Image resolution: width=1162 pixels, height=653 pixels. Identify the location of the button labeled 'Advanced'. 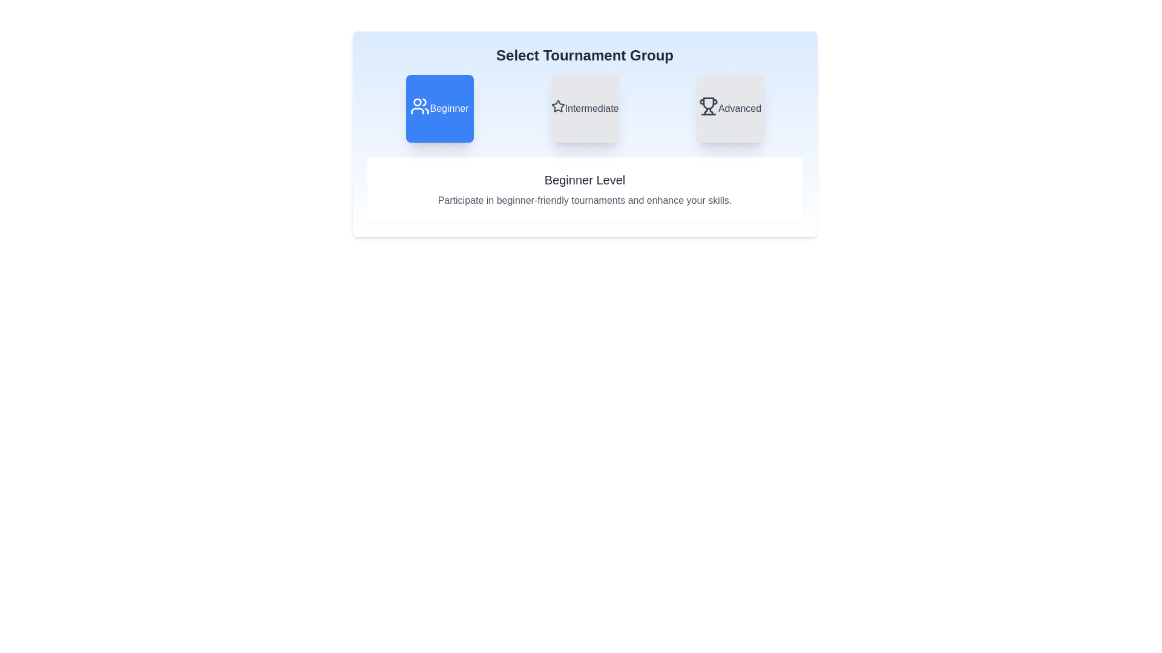
(729, 109).